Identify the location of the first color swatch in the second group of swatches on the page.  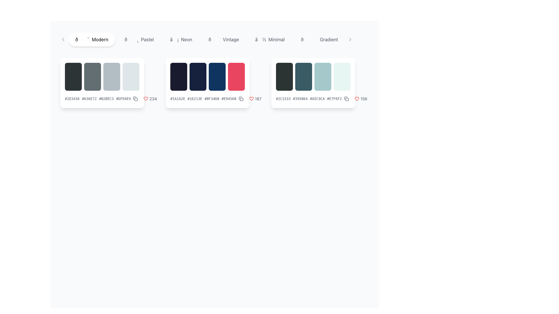
(178, 76).